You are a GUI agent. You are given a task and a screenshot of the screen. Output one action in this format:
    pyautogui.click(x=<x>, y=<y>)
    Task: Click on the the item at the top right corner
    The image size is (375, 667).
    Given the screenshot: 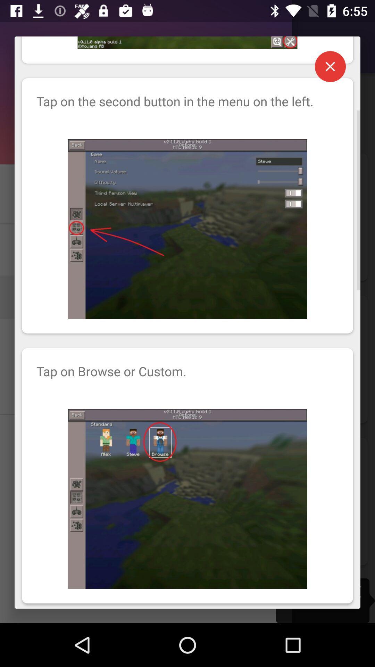 What is the action you would take?
    pyautogui.click(x=330, y=66)
    